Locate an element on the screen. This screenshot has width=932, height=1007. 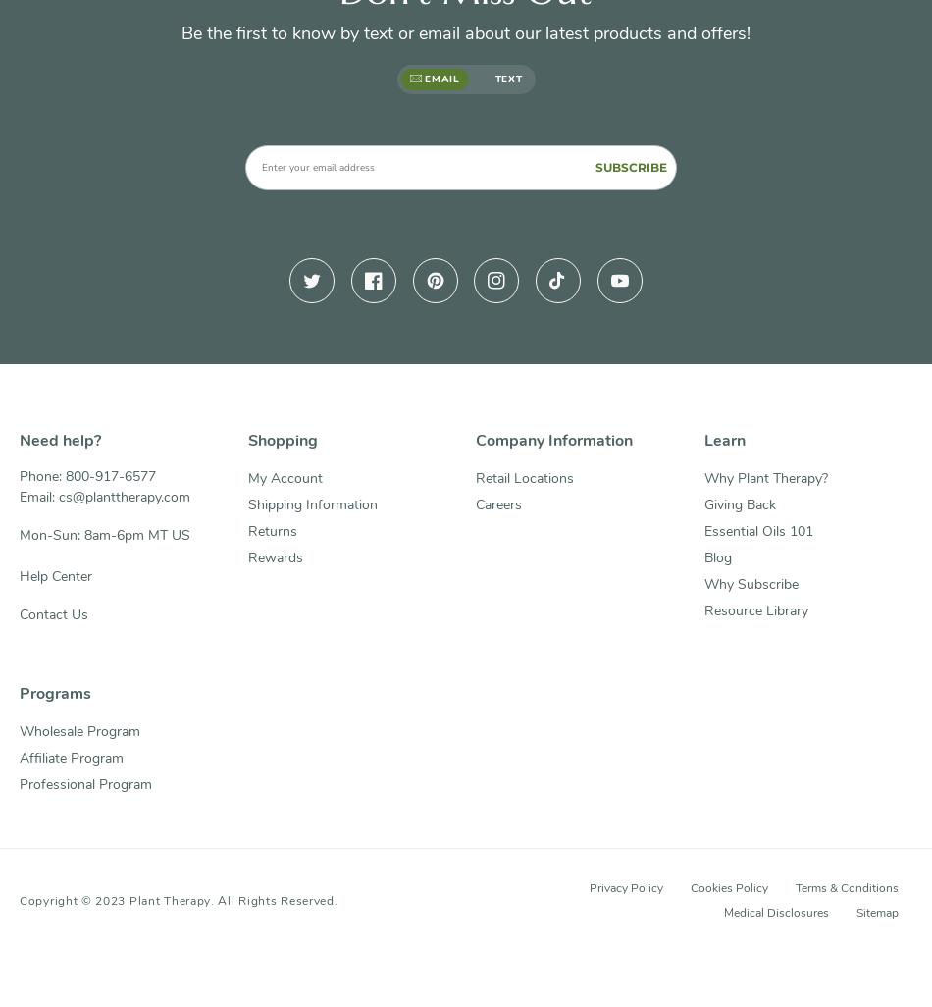
'Rewards' is located at coordinates (273, 556).